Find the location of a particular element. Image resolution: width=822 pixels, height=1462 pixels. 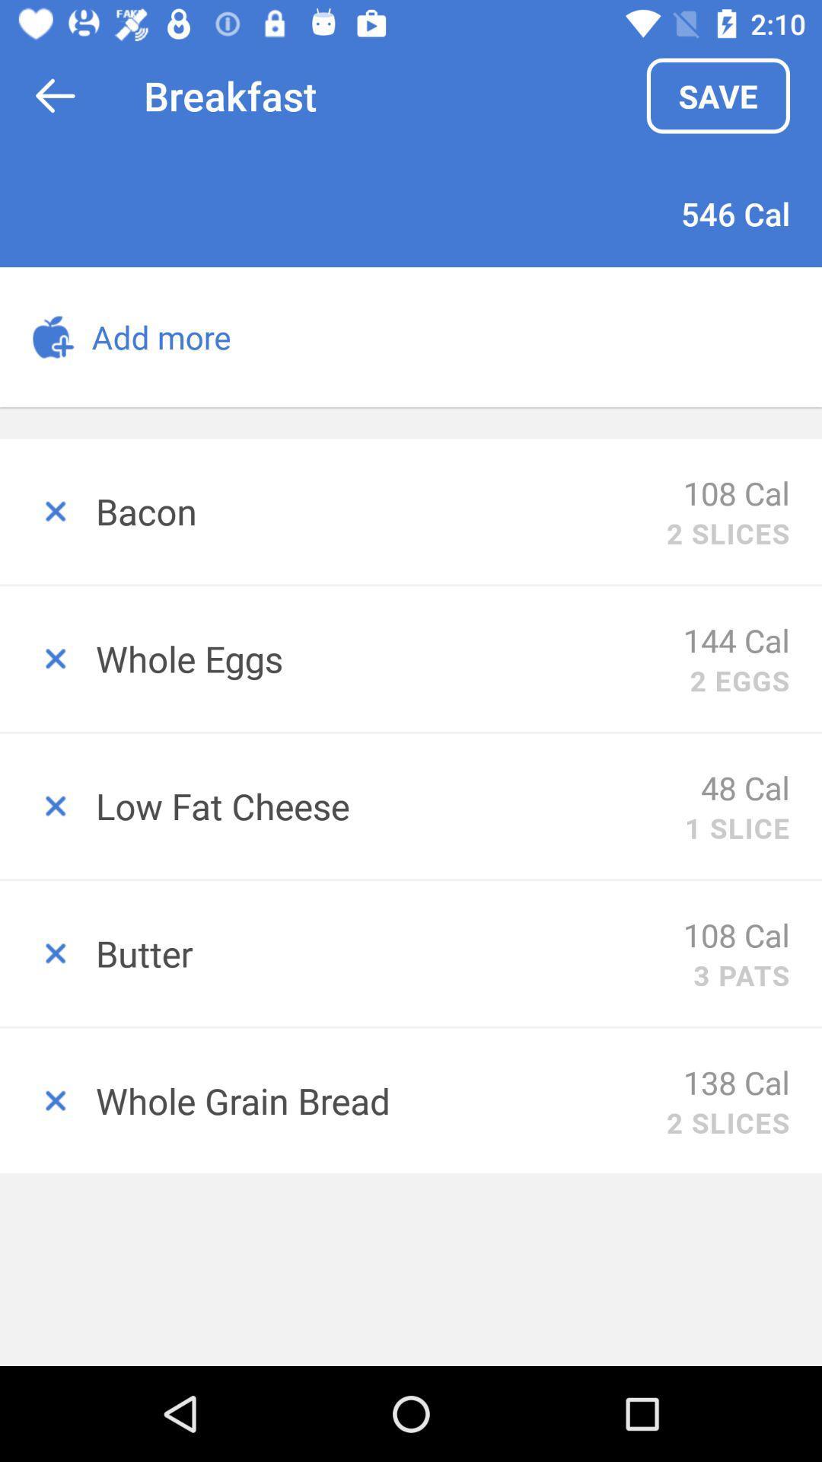

whole eggs icon is located at coordinates (388, 659).